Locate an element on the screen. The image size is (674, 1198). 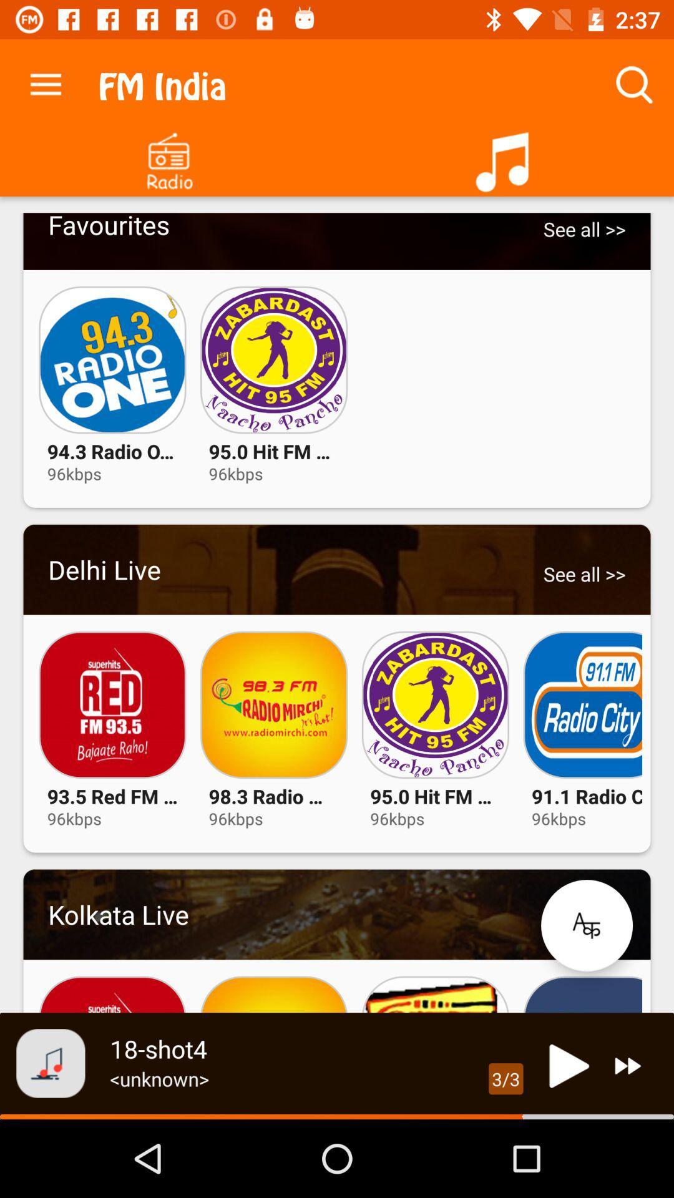
the av_forward icon is located at coordinates (628, 1065).